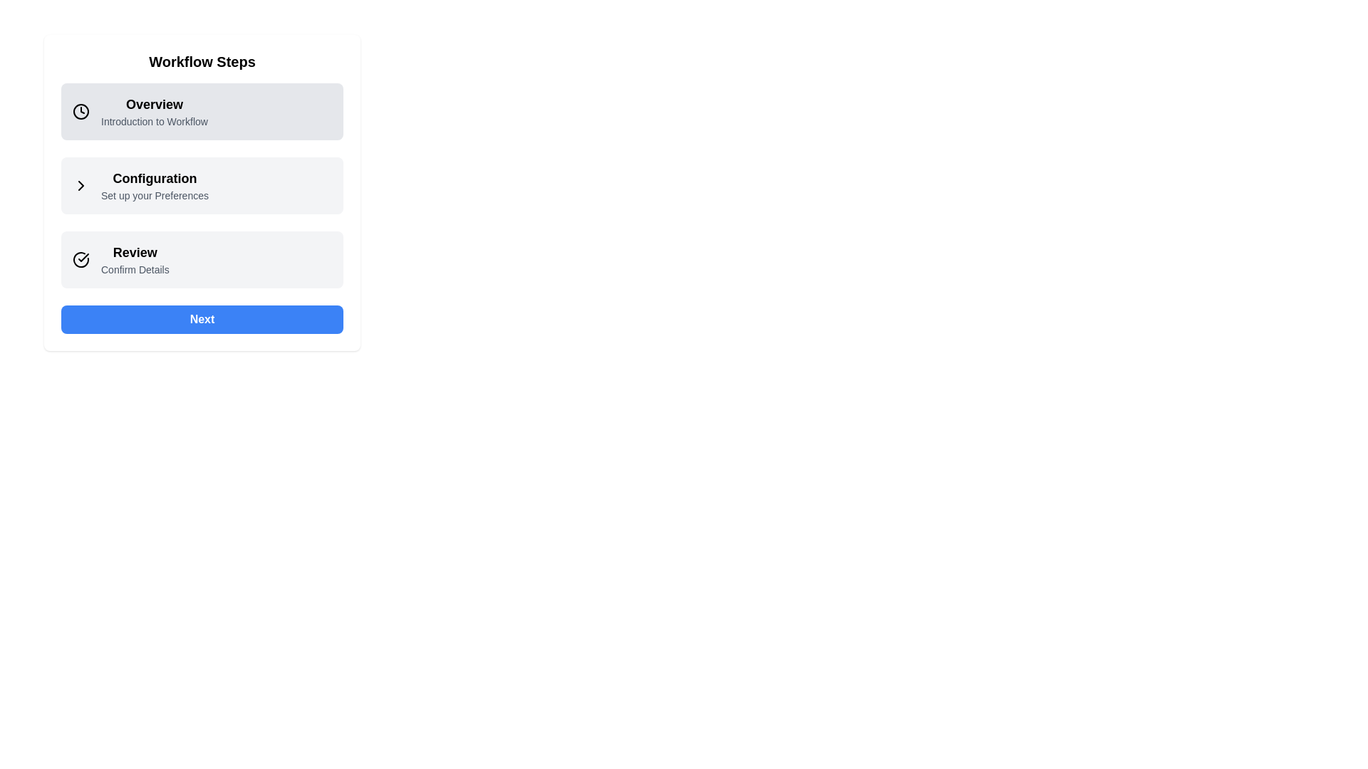 This screenshot has width=1368, height=769. I want to click on the arrow icon on the 'Configuration' step item in the Workflow Steps section, which has a light background and bold title text, so click(201, 185).